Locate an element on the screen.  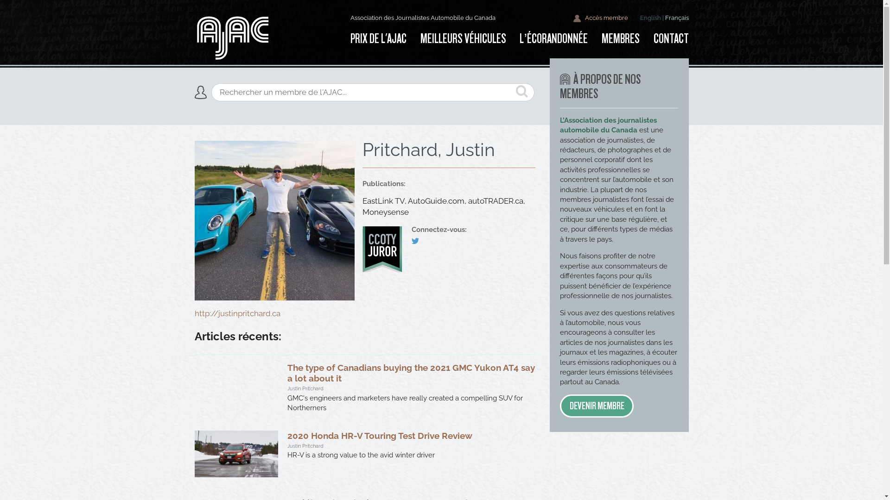
'MEMBRES' is located at coordinates (594, 38).